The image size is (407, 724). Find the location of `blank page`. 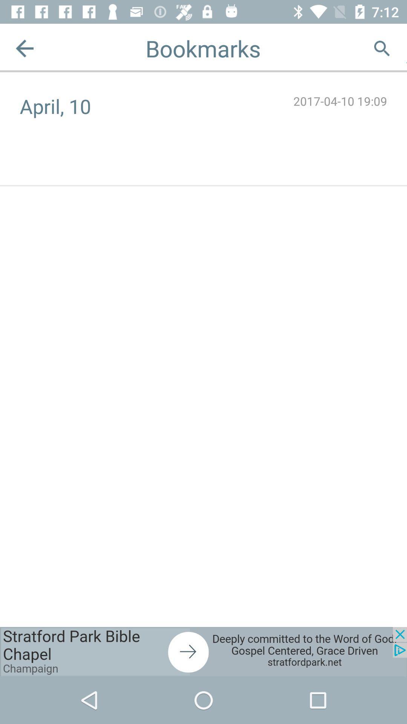

blank page is located at coordinates (406, 48).